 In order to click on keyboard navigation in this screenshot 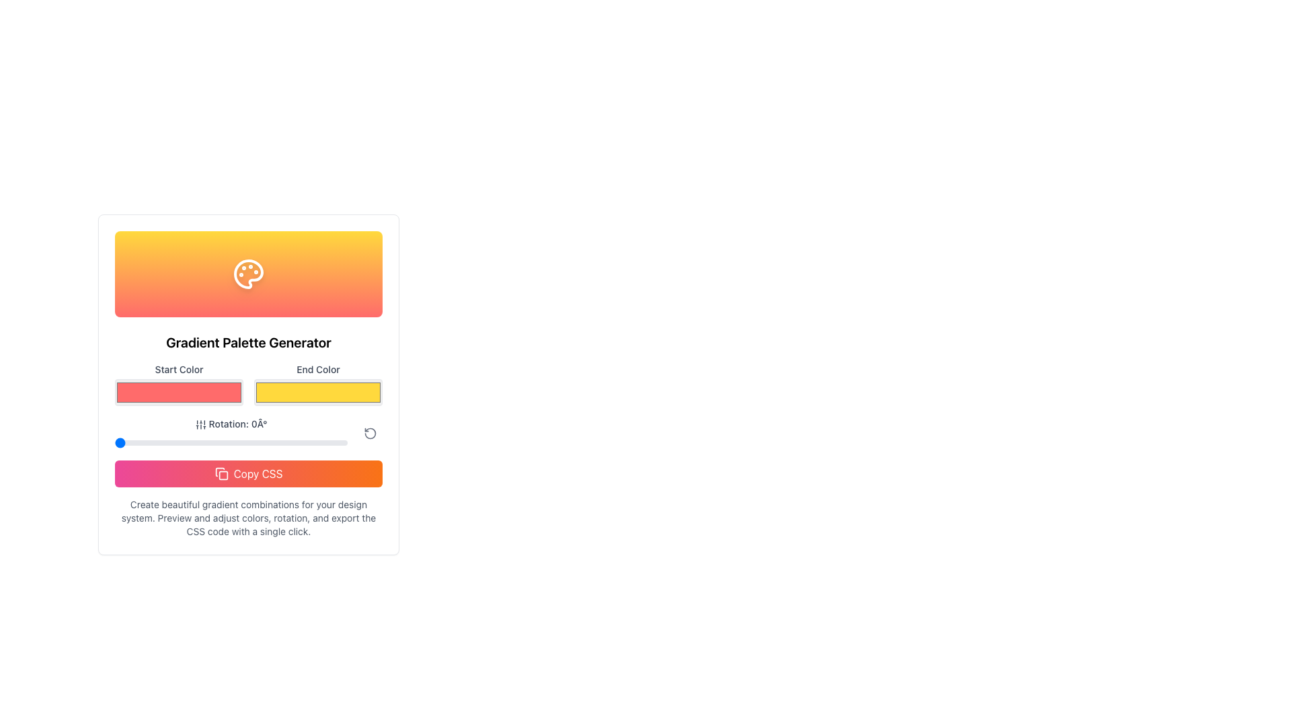, I will do `click(317, 392)`.